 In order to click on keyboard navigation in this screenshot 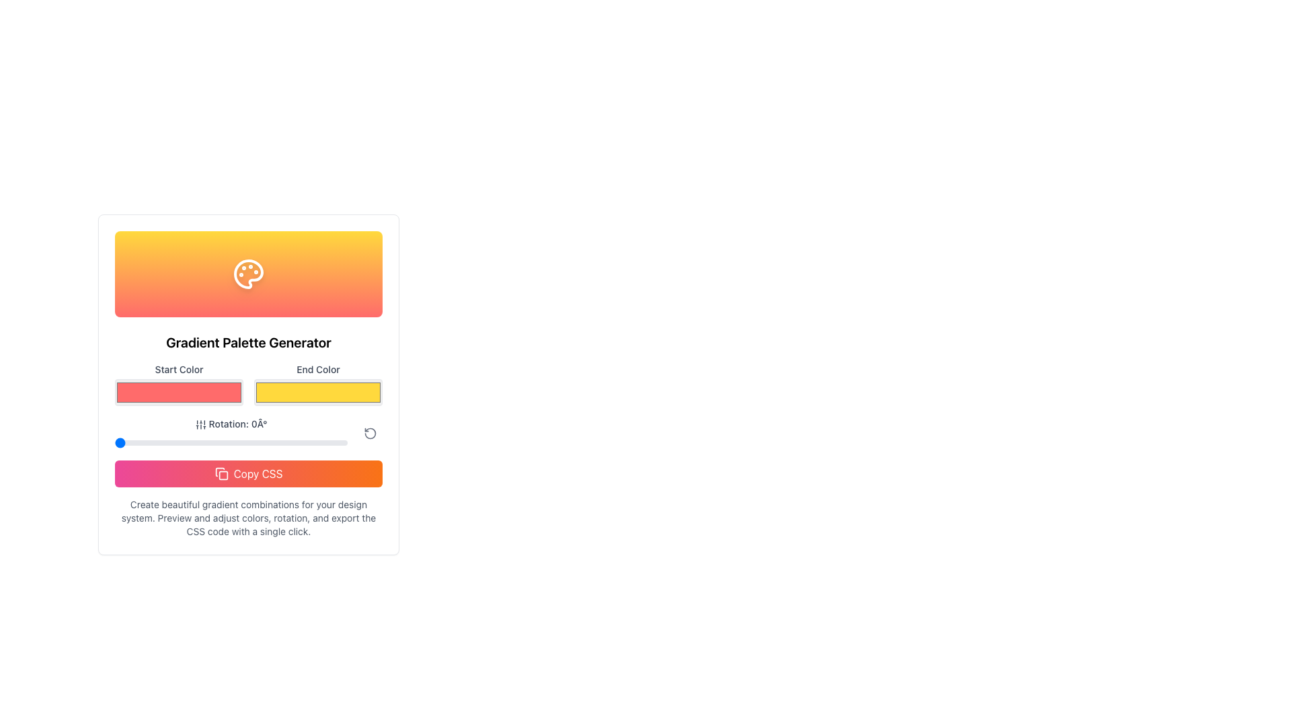, I will do `click(317, 392)`.